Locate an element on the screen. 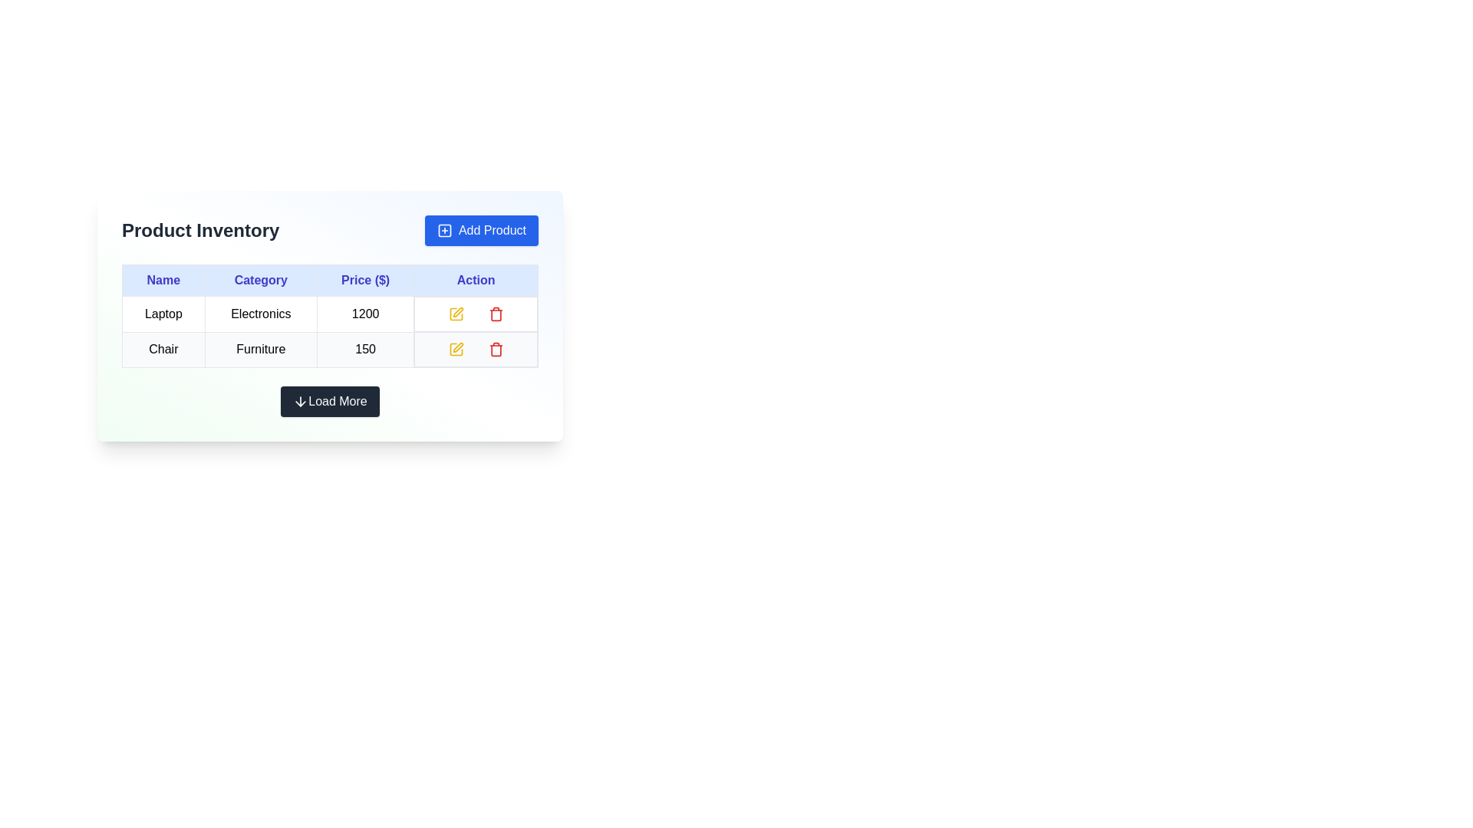 The height and width of the screenshot is (828, 1473). the downward arrow icon that is centered above the text of the 'Load More' button, which appears white against a dark background is located at coordinates (301, 401).